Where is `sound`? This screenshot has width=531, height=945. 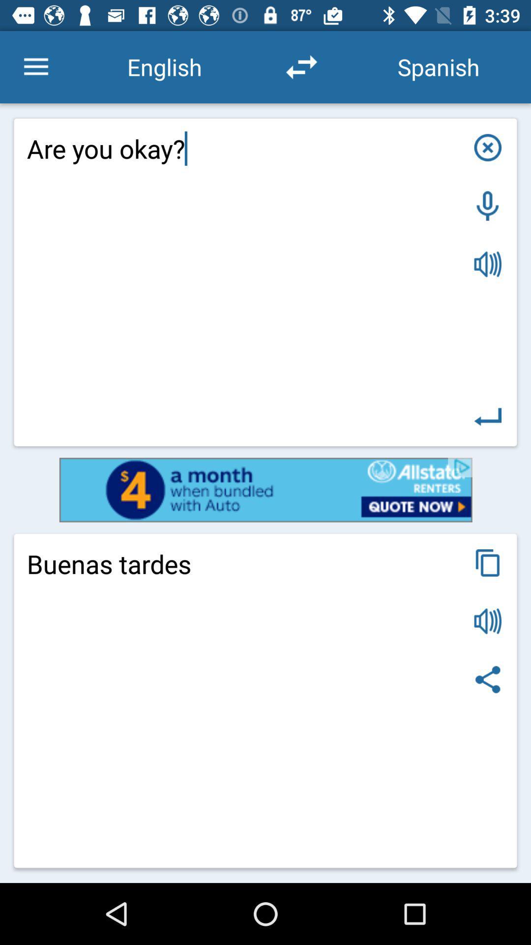 sound is located at coordinates (488, 264).